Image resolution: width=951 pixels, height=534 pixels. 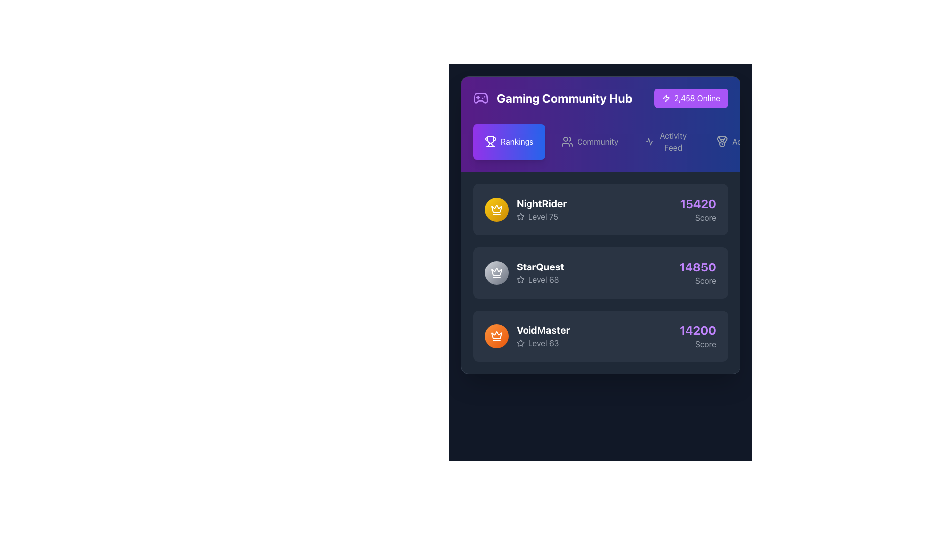 I want to click on the circular badge with a gradient background and a white crown icon, located to the left of the 'StarQuest' label in the second list item of the leaderboard panel, so click(x=497, y=272).